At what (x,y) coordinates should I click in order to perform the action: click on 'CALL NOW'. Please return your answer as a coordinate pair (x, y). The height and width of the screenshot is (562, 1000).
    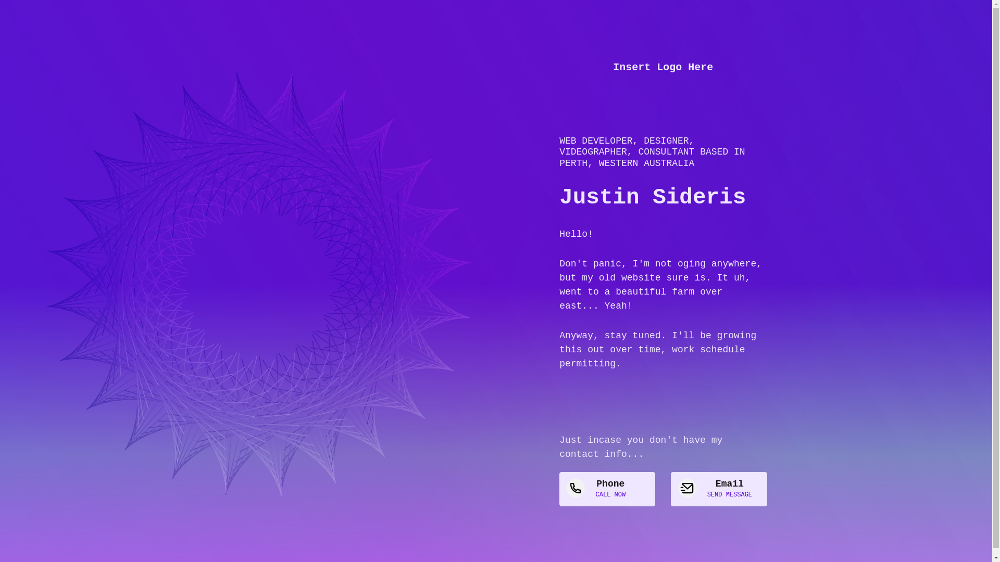
    Looking at the image, I should click on (610, 494).